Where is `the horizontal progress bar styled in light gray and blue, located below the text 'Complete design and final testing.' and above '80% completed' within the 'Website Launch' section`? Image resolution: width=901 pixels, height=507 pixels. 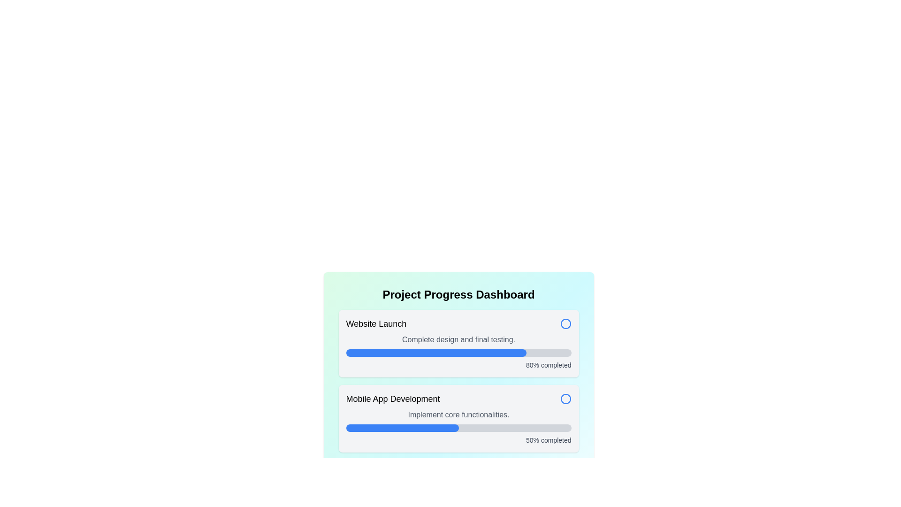 the horizontal progress bar styled in light gray and blue, located below the text 'Complete design and final testing.' and above '80% completed' within the 'Website Launch' section is located at coordinates (458, 353).